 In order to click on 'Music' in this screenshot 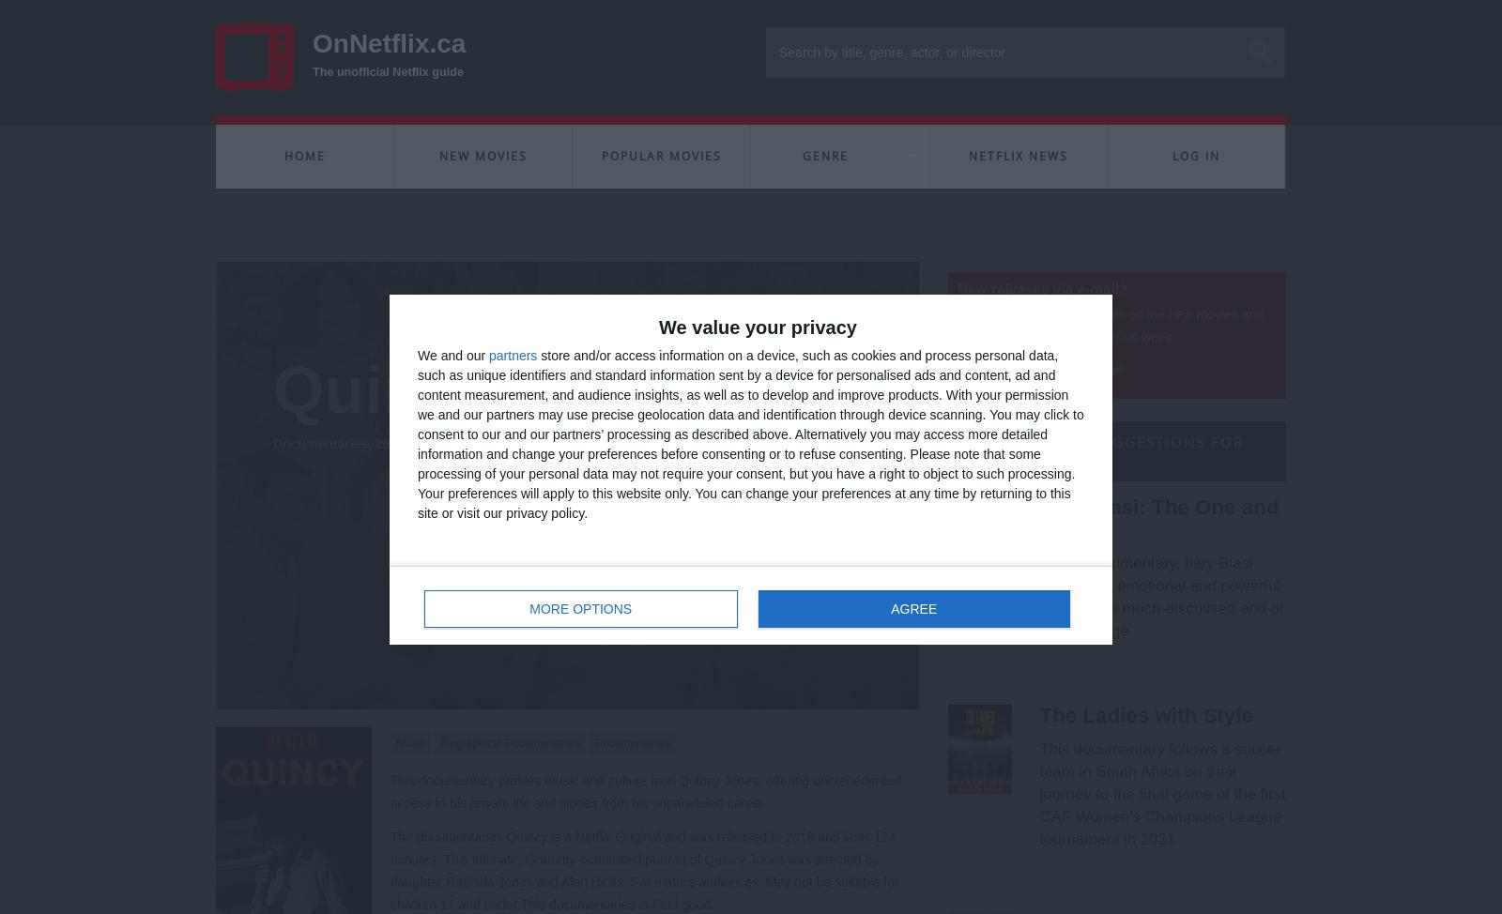, I will do `click(409, 741)`.